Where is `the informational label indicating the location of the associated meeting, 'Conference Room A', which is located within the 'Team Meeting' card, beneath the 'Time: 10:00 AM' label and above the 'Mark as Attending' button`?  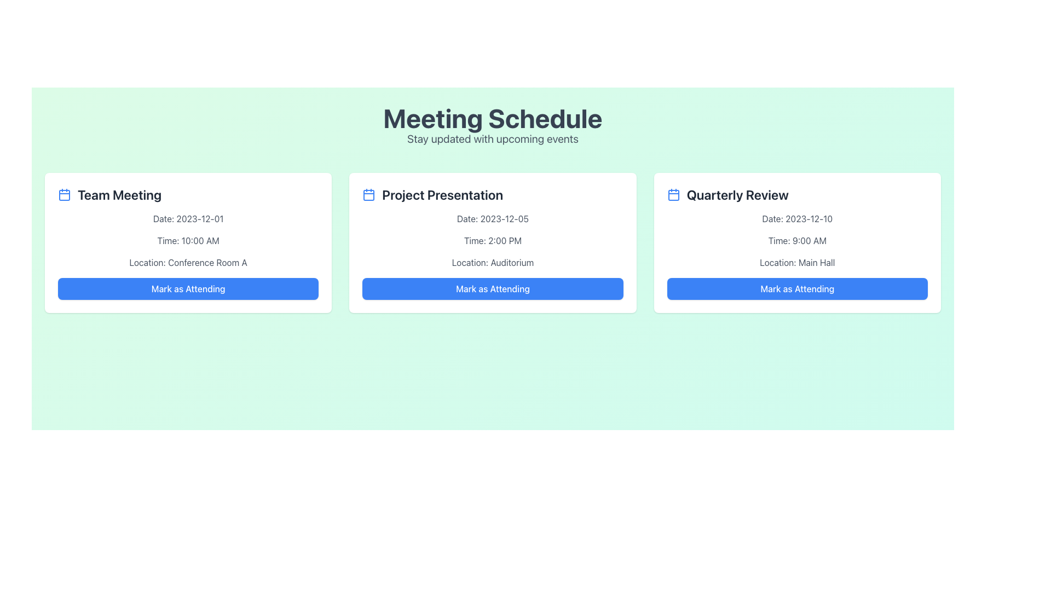
the informational label indicating the location of the associated meeting, 'Conference Room A', which is located within the 'Team Meeting' card, beneath the 'Time: 10:00 AM' label and above the 'Mark as Attending' button is located at coordinates (188, 262).